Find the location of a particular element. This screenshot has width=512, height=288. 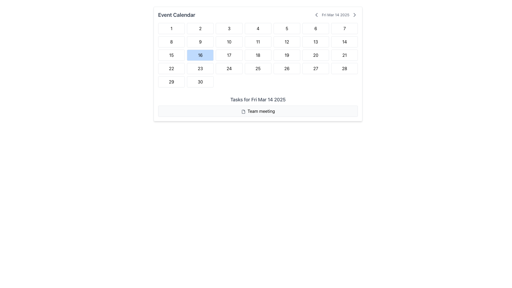

the calendar cell representing the day '18' in the monthly calendar view, located in the fourth column of the third row is located at coordinates (258, 55).